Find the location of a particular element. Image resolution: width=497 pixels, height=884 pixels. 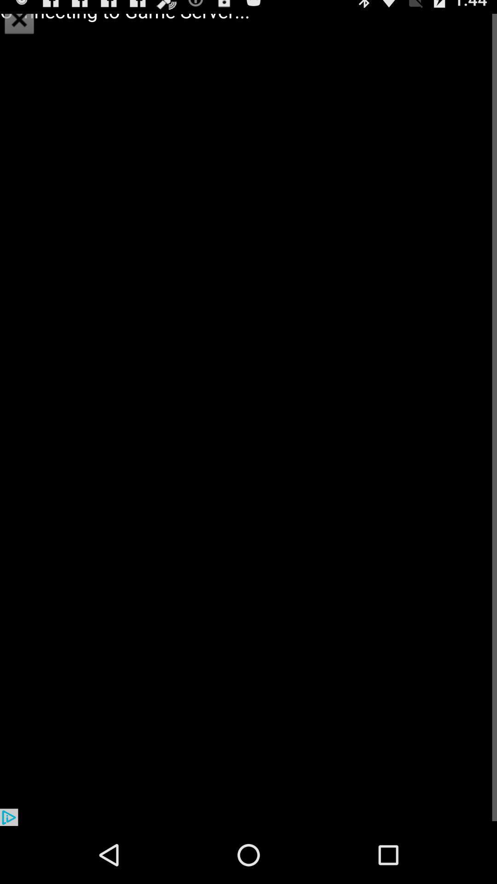

the close icon is located at coordinates (19, 20).